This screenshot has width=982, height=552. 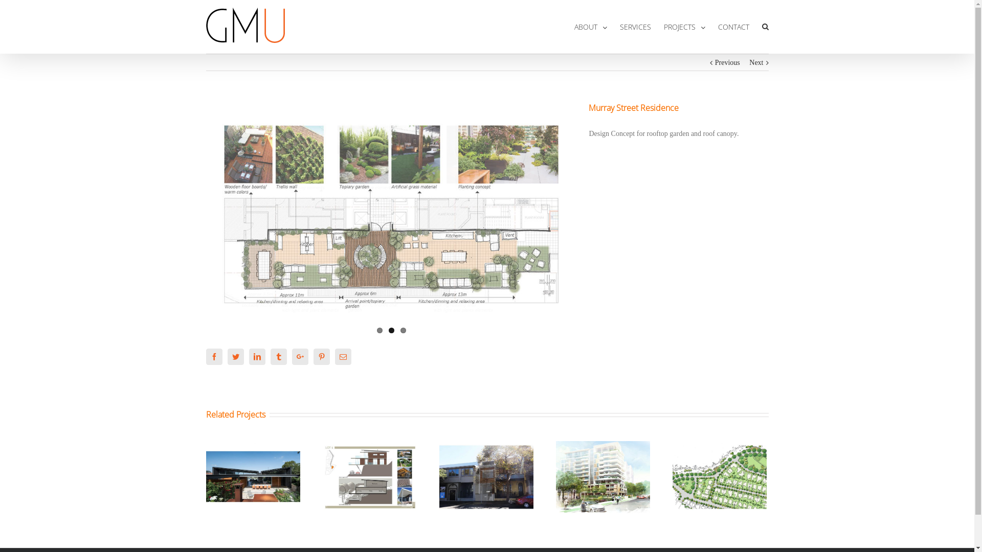 What do you see at coordinates (619, 26) in the screenshot?
I see `'SERVICES'` at bounding box center [619, 26].